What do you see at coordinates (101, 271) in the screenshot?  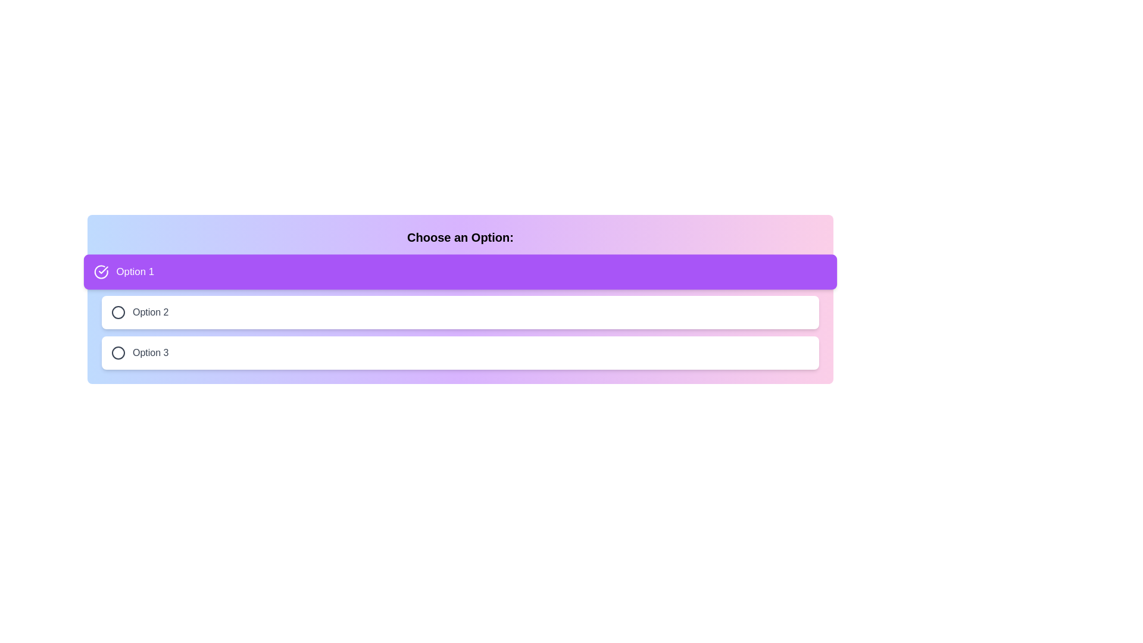 I see `the active state icon that indicates the selected option under the 'Choose an Option:' header` at bounding box center [101, 271].